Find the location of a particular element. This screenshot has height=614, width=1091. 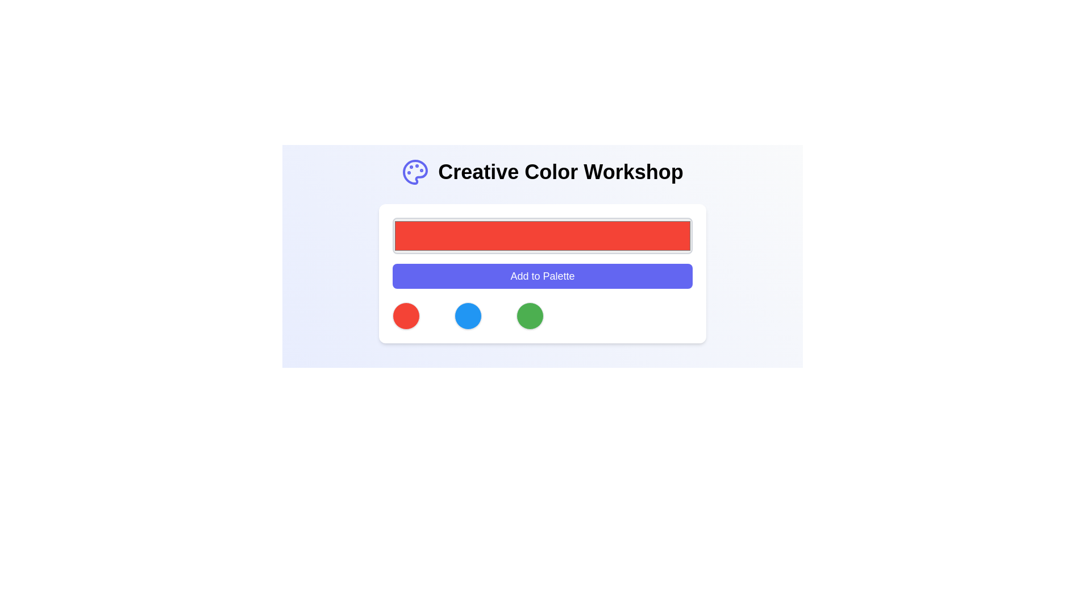

the leftmost circular color indicator, which is part of a row of three circular elements located beneath the 'Add to Palette' button is located at coordinates (406, 316).